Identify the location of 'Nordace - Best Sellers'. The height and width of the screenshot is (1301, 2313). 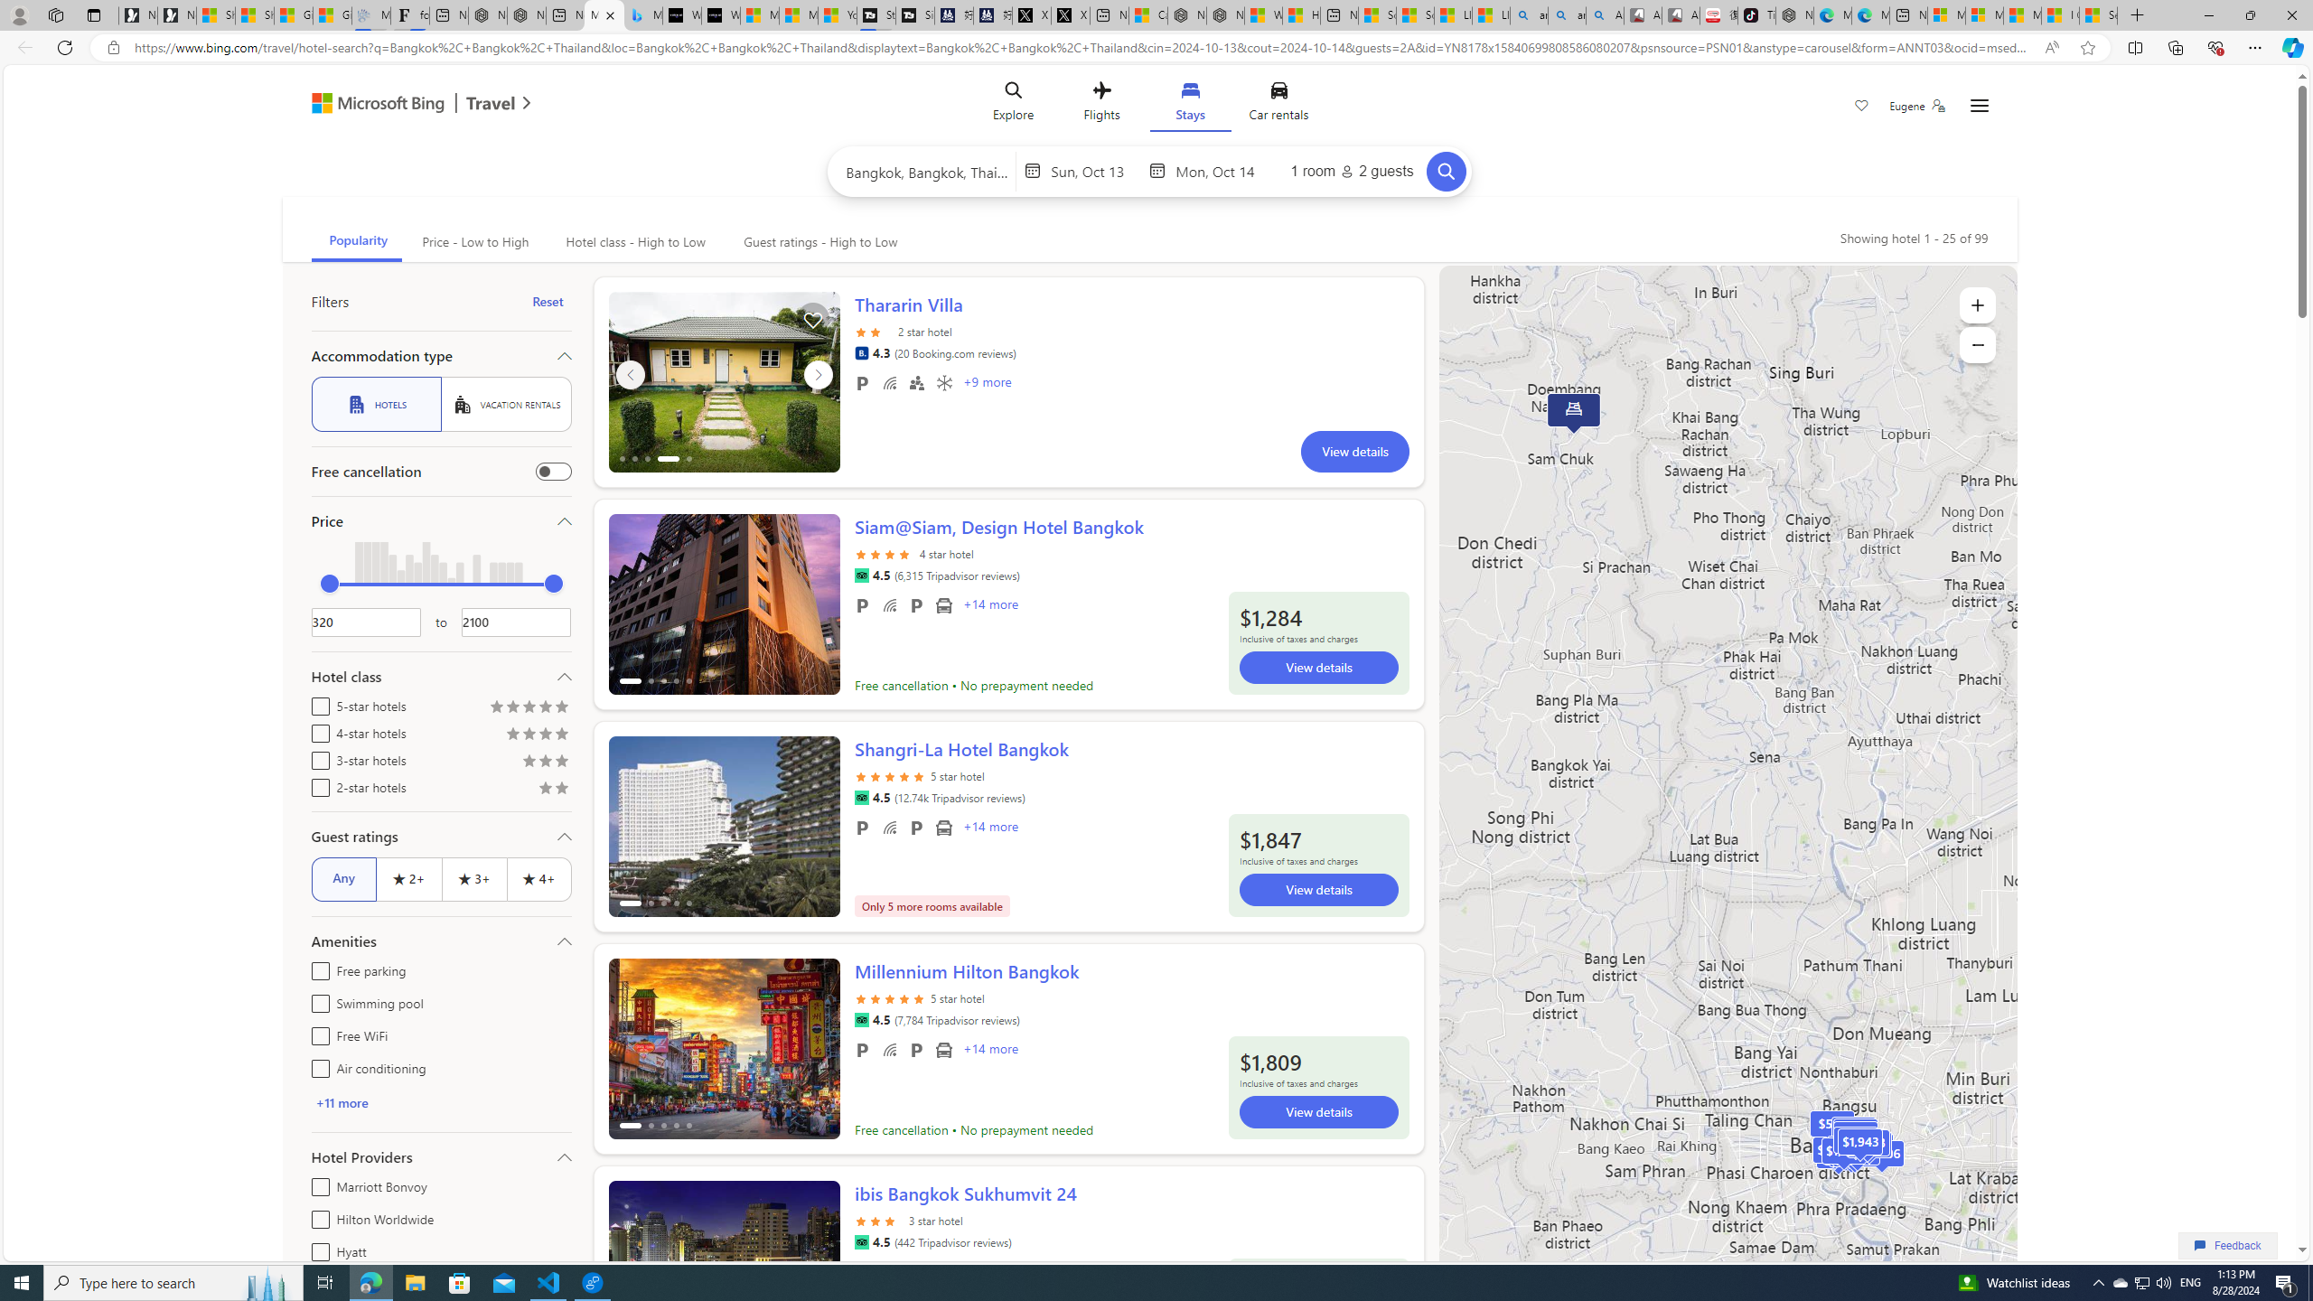
(1793, 14).